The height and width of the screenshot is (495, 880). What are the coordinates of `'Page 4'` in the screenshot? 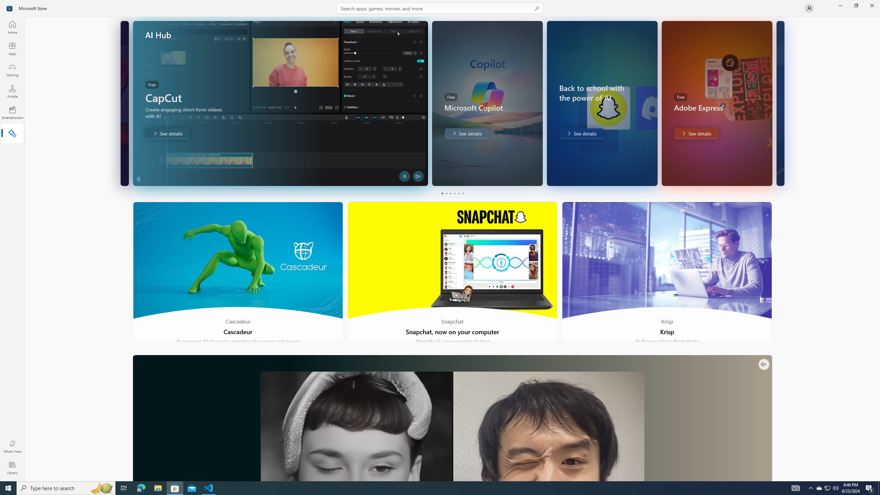 It's located at (454, 193).